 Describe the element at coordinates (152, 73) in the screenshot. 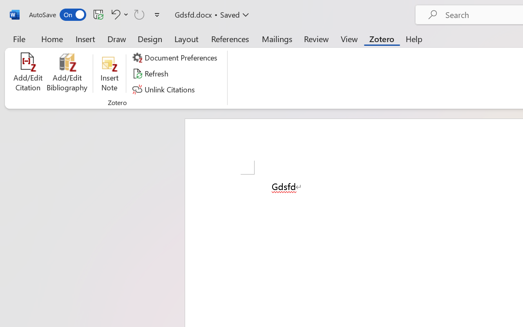

I see `'Refresh'` at that location.